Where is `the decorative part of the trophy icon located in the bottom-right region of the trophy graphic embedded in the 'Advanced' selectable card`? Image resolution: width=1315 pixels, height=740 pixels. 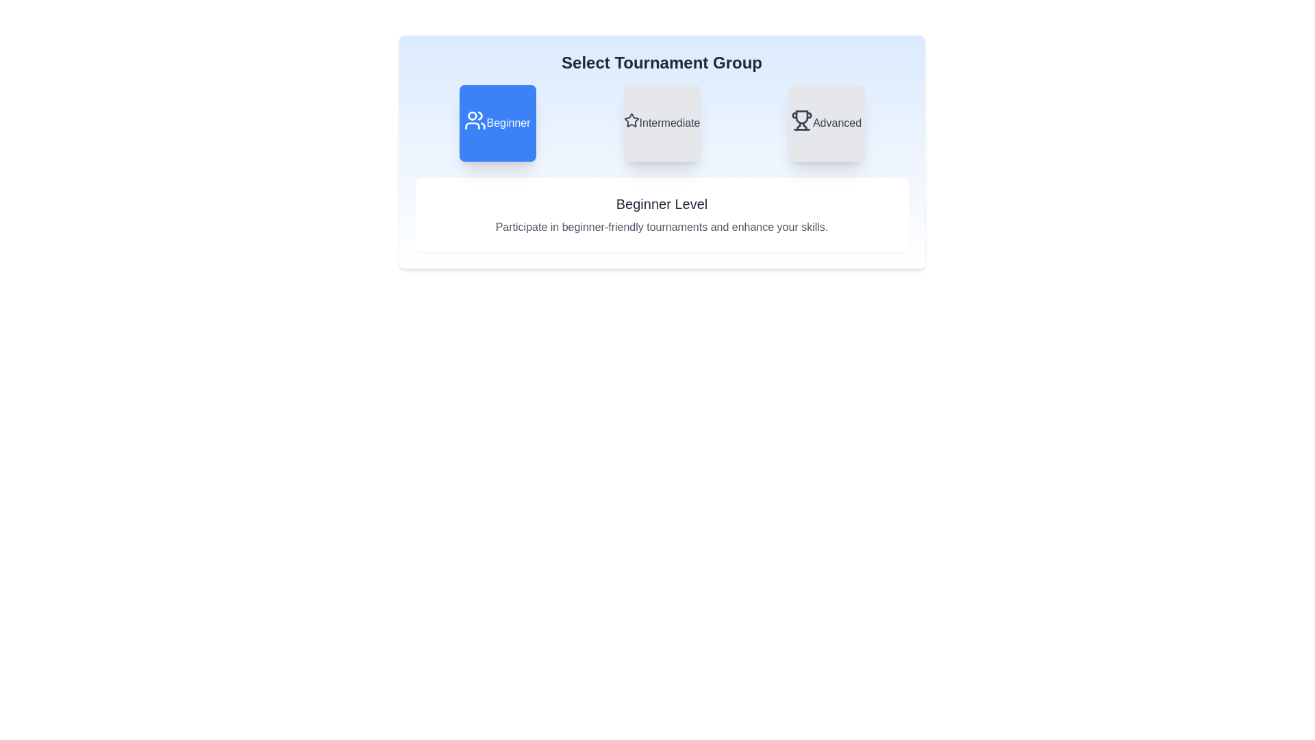
the decorative part of the trophy icon located in the bottom-right region of the trophy graphic embedded in the 'Advanced' selectable card is located at coordinates (805, 126).